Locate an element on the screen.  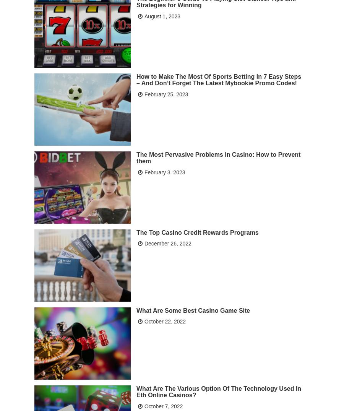
'What Are The Various Option Of The Technology Used In Eth Online Casinos?' is located at coordinates (219, 391).